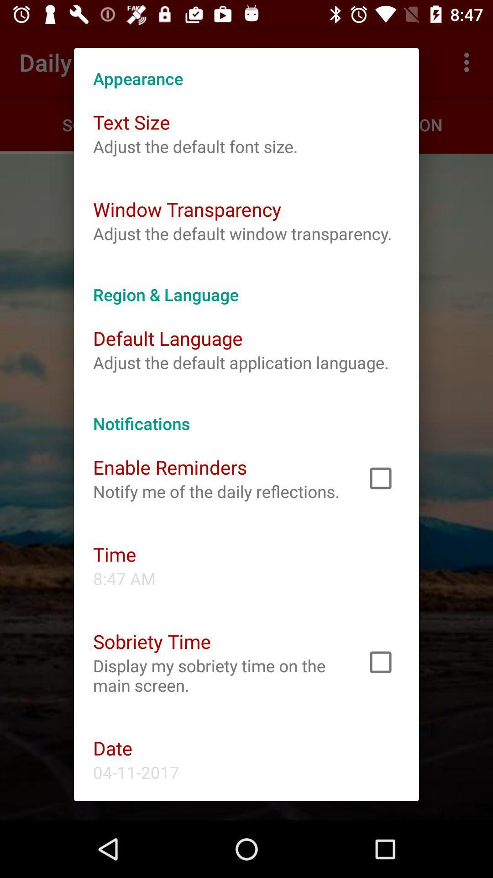  I want to click on app at the bottom, so click(218, 675).